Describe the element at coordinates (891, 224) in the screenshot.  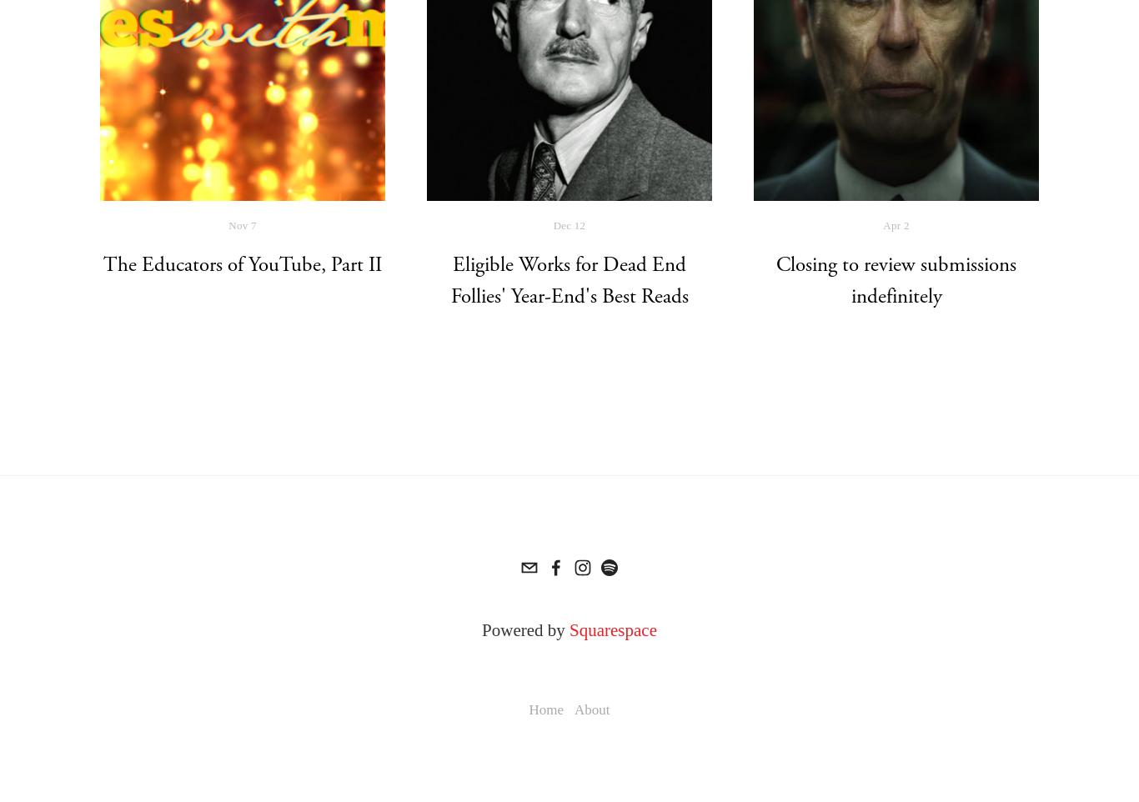
I see `'Apr'` at that location.